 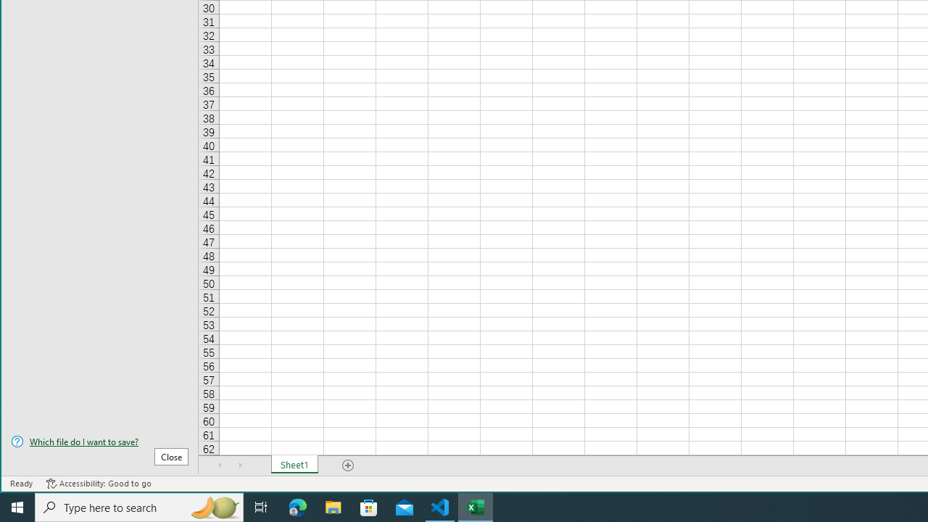 I want to click on 'Visual Studio Code - 1 running window', so click(x=439, y=506).